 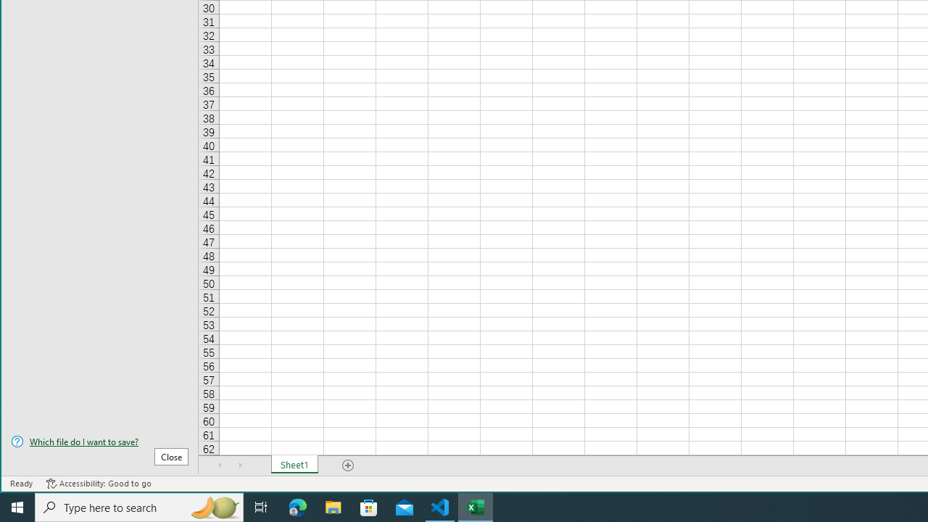 I want to click on 'Visual Studio Code - 1 running window', so click(x=439, y=506).